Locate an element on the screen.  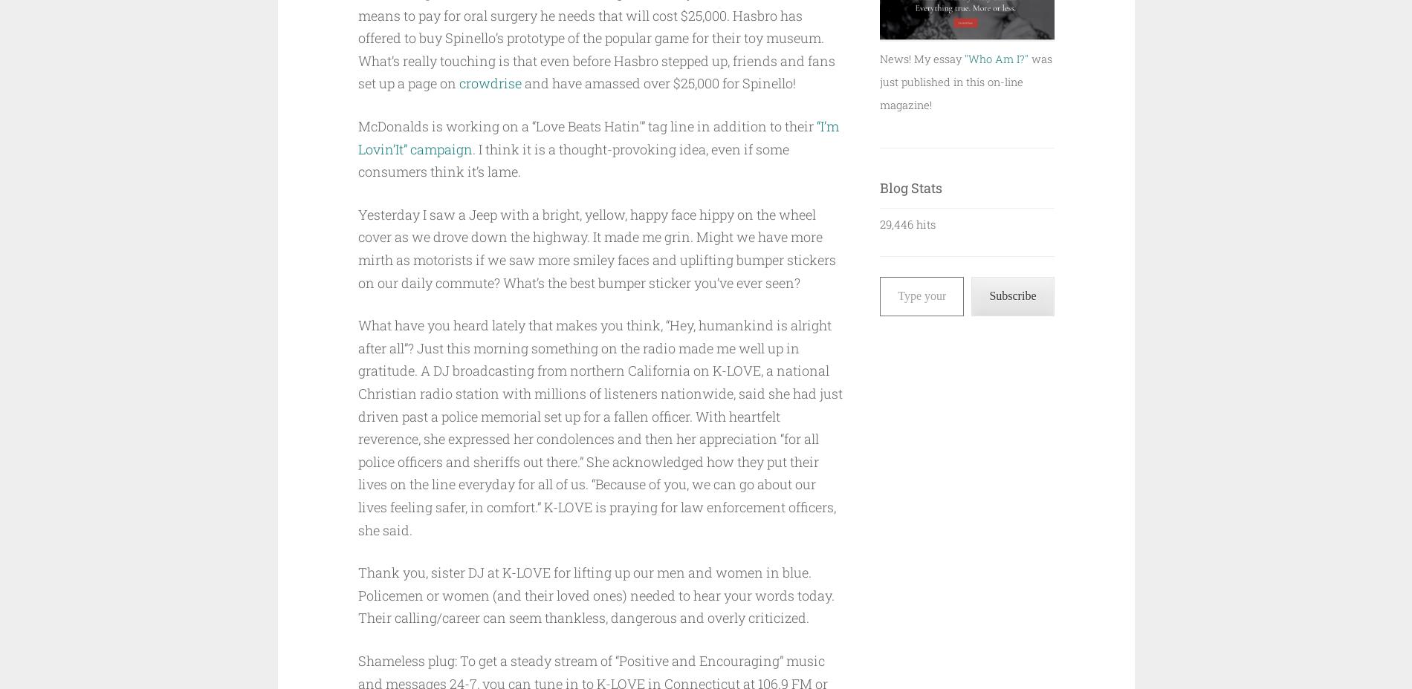
'was just published in this on-line magazine!' is located at coordinates (965, 80).